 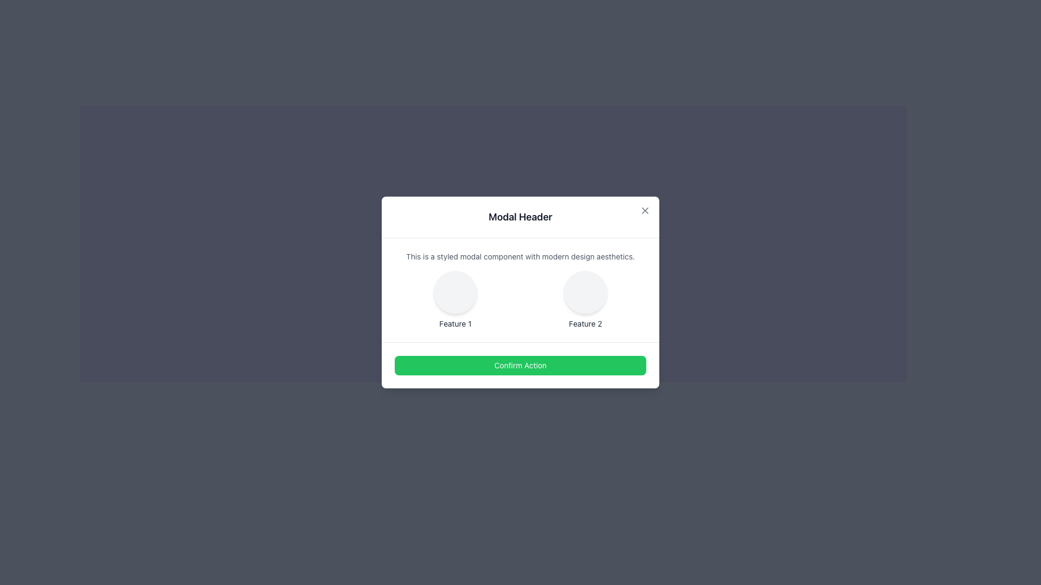 What do you see at coordinates (455, 300) in the screenshot?
I see `the grid item labeled 'Feature 1', which represents a feature or functionality of the UI` at bounding box center [455, 300].